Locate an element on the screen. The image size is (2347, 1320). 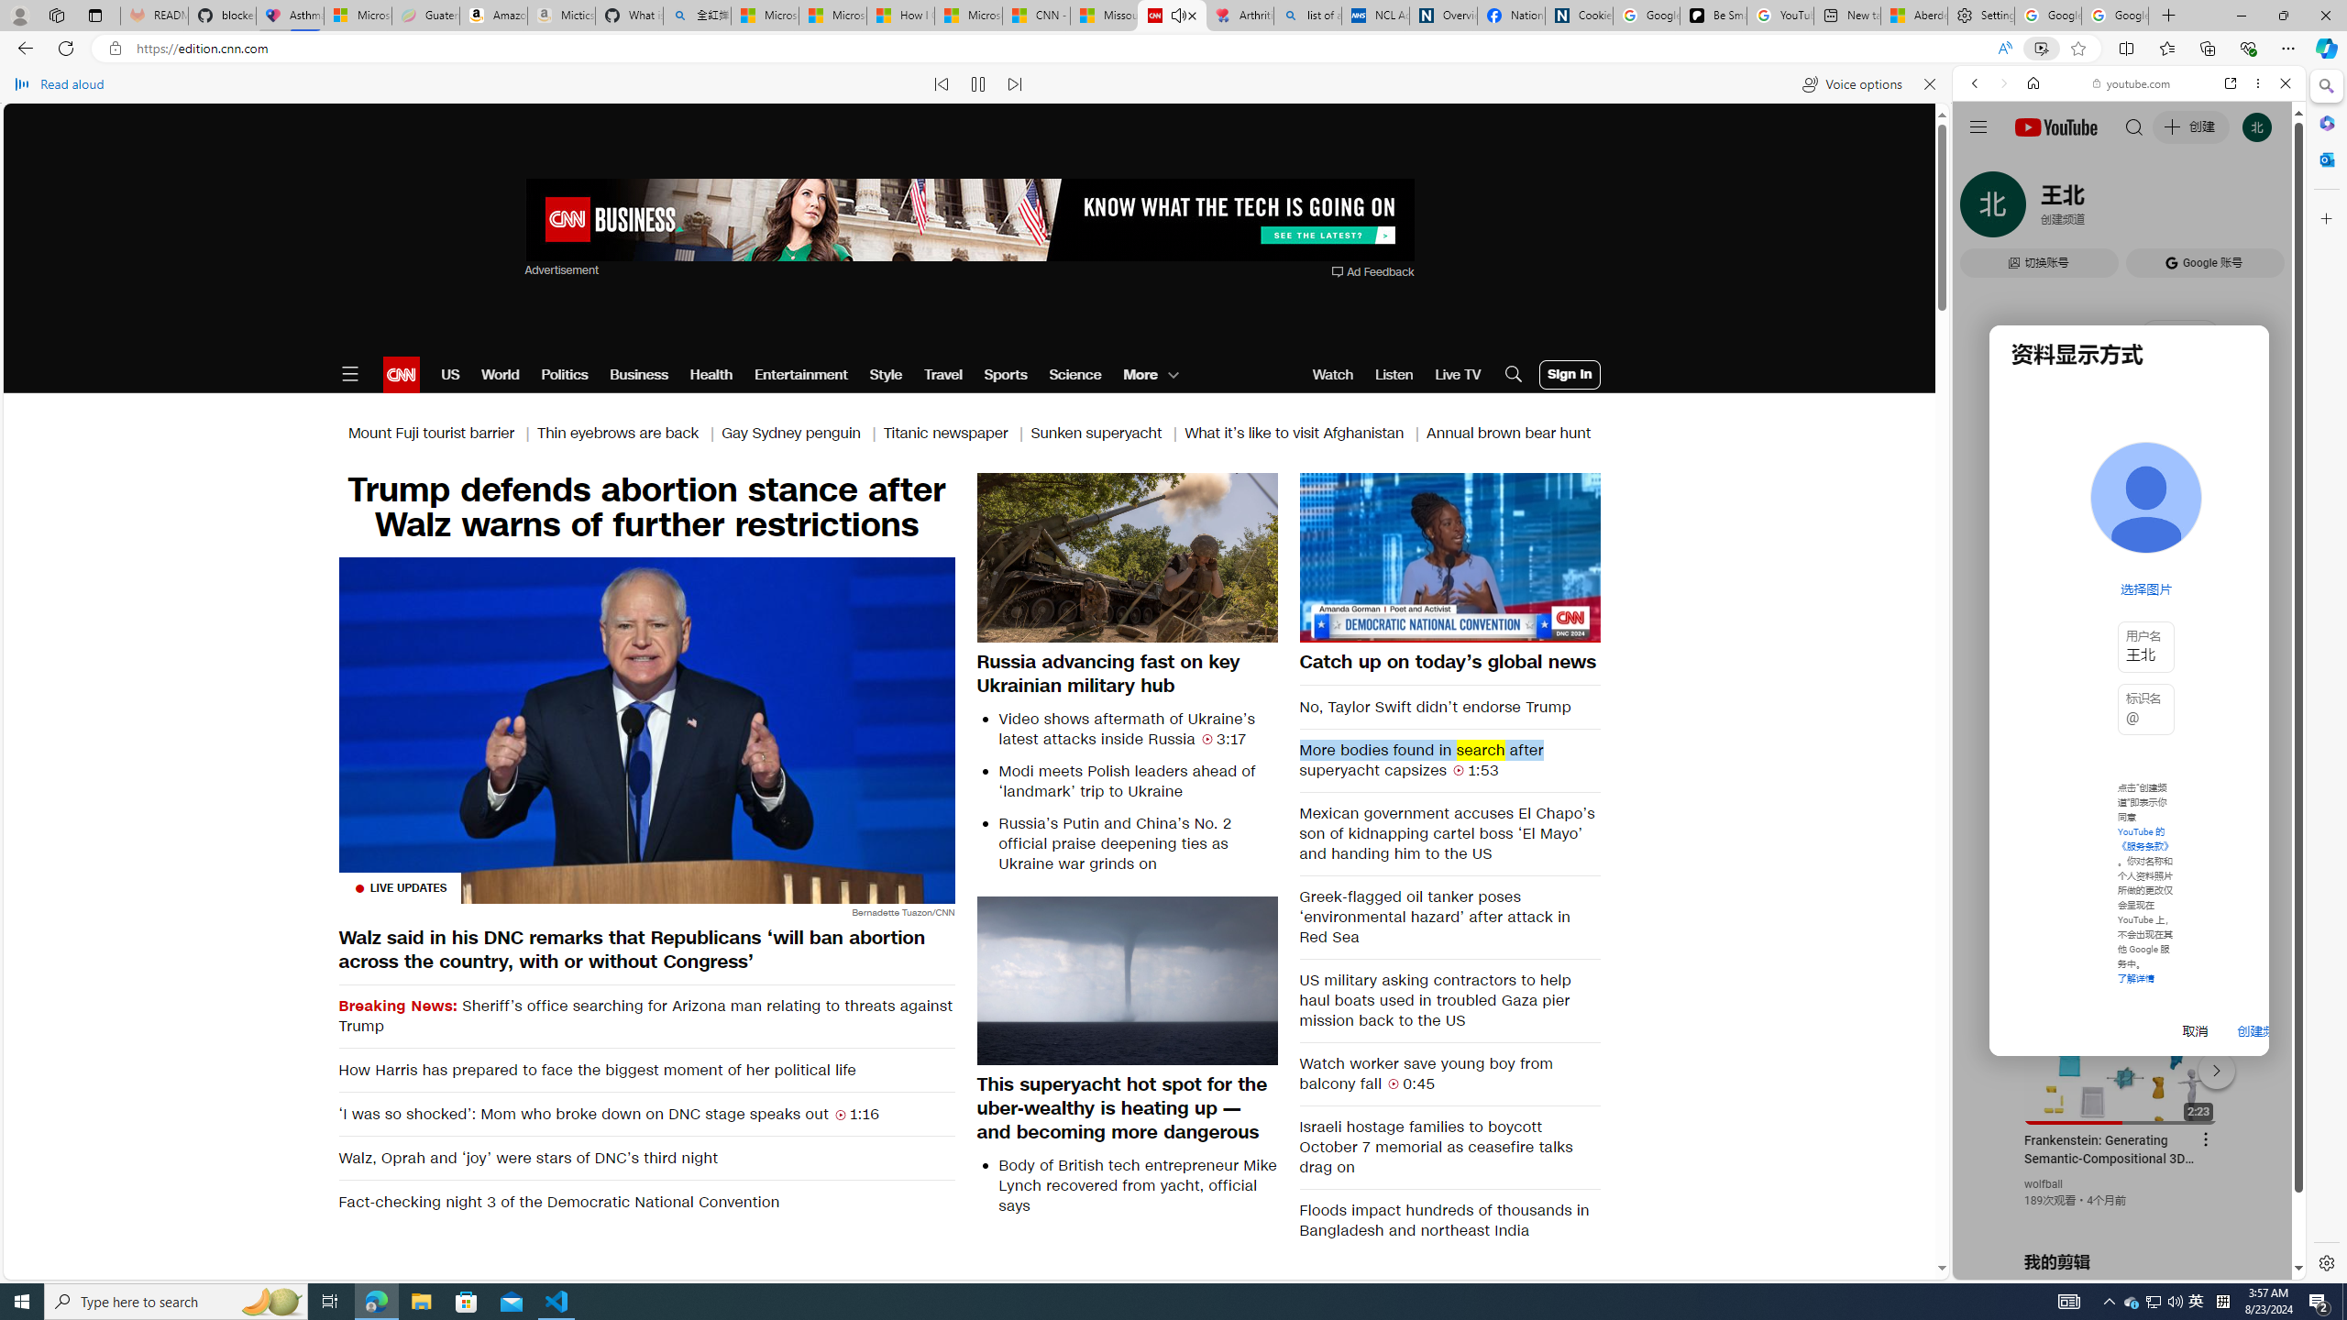
'World' is located at coordinates (500, 373).